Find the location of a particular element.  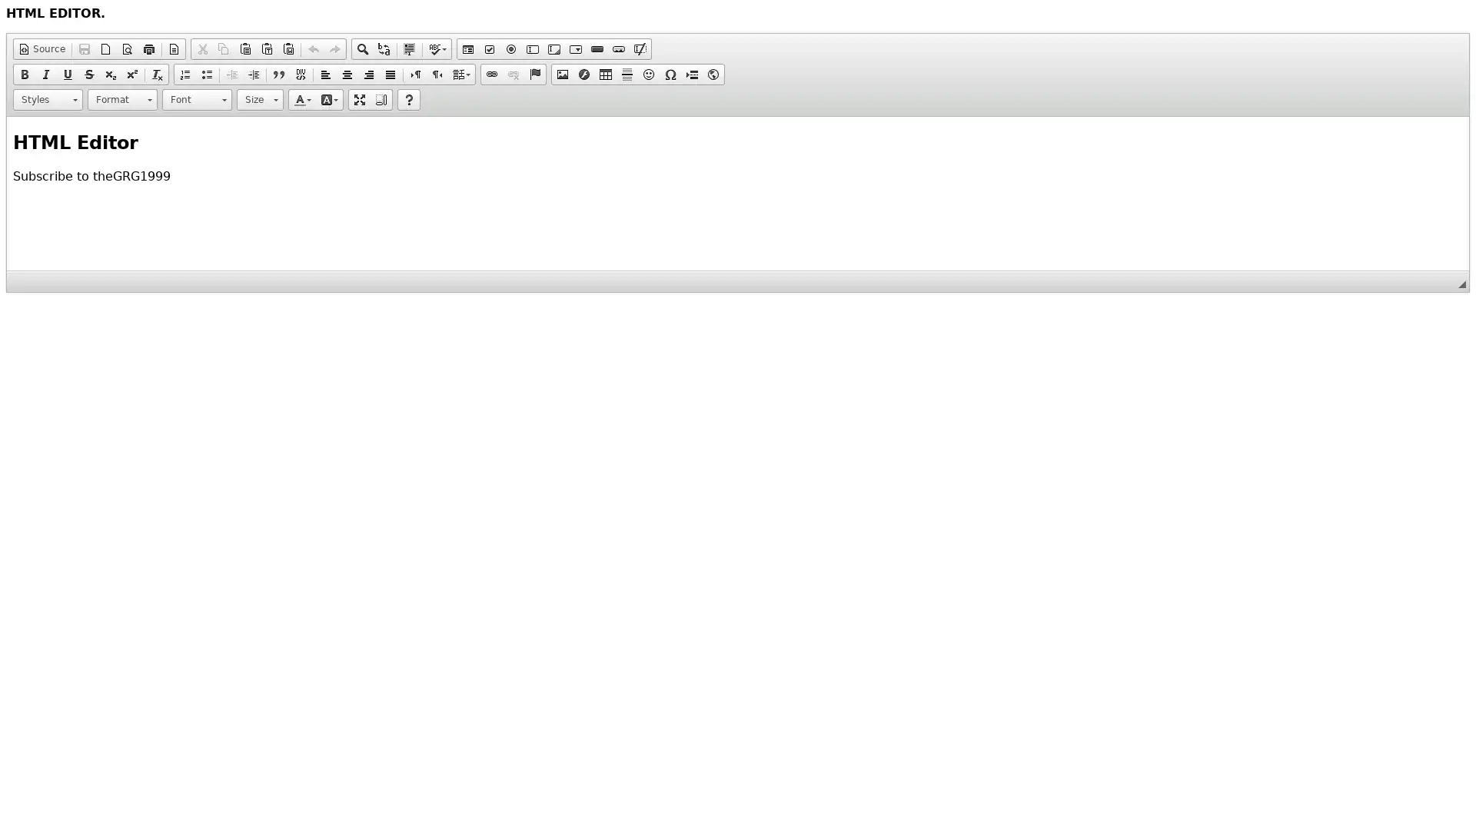

Decrease Indent is located at coordinates (231, 74).